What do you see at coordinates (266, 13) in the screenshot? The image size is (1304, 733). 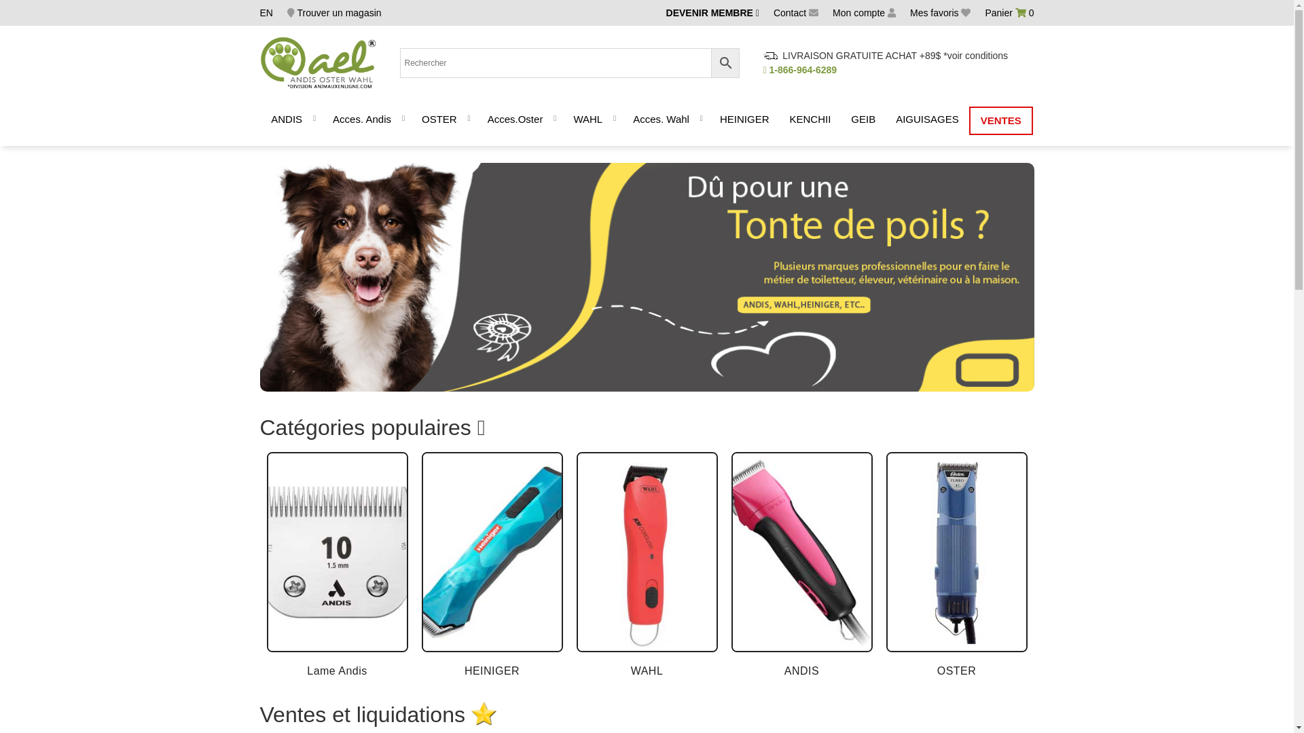 I see `'EN'` at bounding box center [266, 13].